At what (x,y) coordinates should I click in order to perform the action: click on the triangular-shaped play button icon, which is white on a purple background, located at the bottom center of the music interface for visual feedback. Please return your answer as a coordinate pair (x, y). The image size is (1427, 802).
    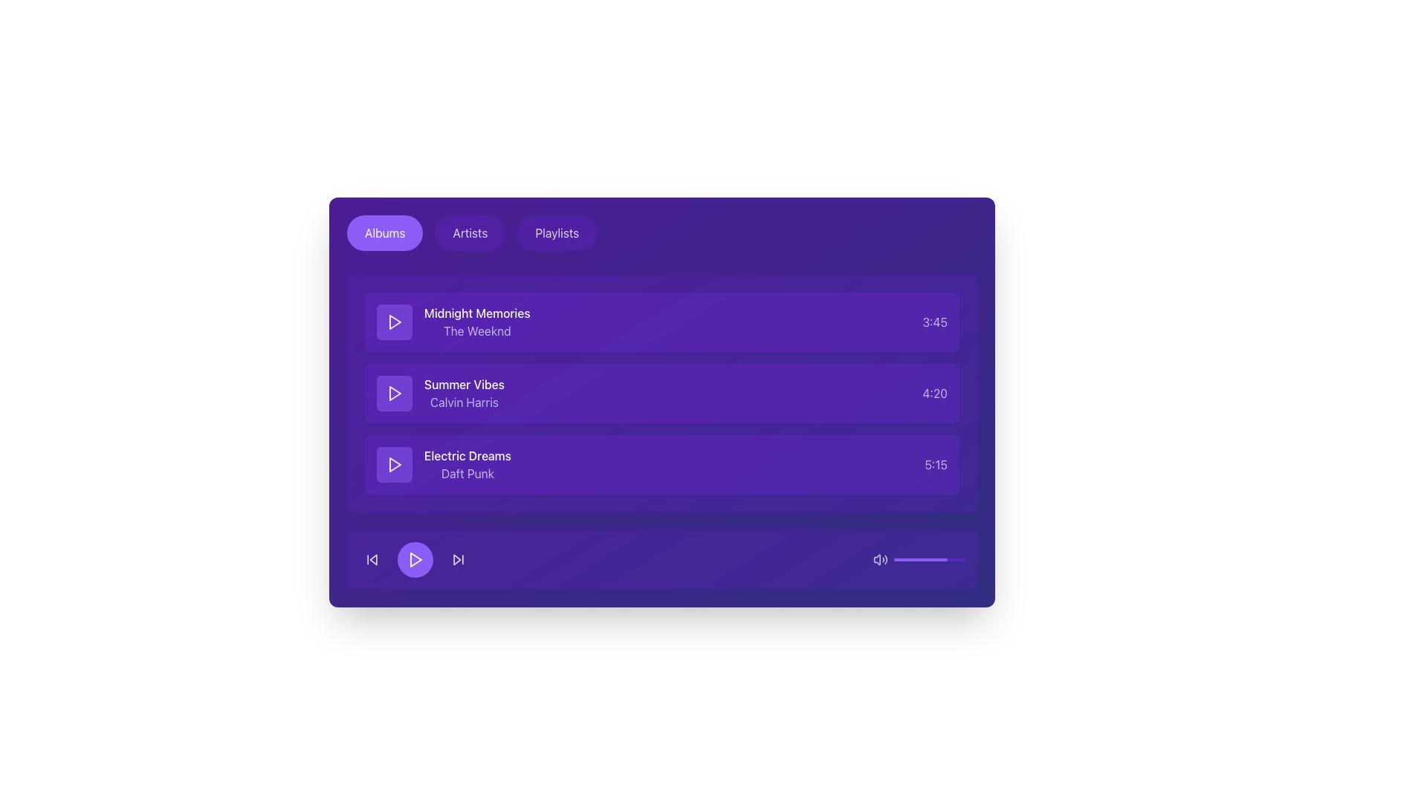
    Looking at the image, I should click on (415, 559).